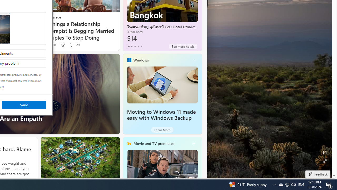 The width and height of the screenshot is (337, 190). What do you see at coordinates (141, 60) in the screenshot?
I see `'Windows'` at bounding box center [141, 60].